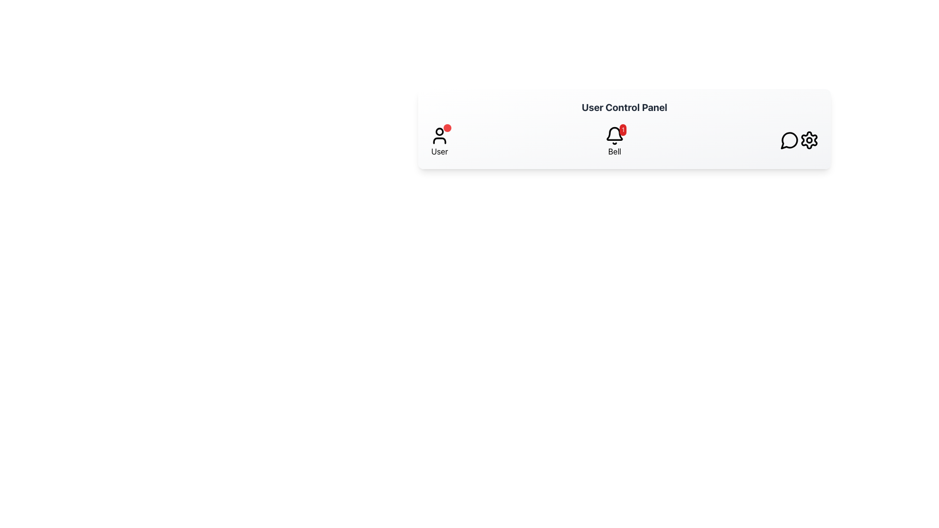  I want to click on the messaging icon located in the navigation bar towards the far right side, adjacent, so click(789, 140).